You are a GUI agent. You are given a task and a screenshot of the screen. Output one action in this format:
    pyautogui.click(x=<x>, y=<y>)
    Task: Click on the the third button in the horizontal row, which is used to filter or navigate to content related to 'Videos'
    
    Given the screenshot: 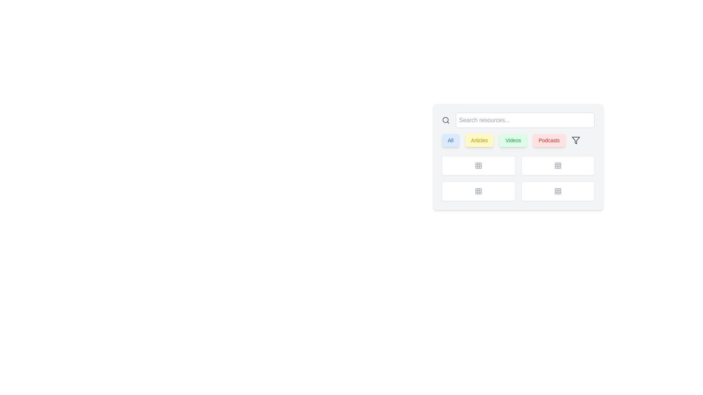 What is the action you would take?
    pyautogui.click(x=513, y=140)
    